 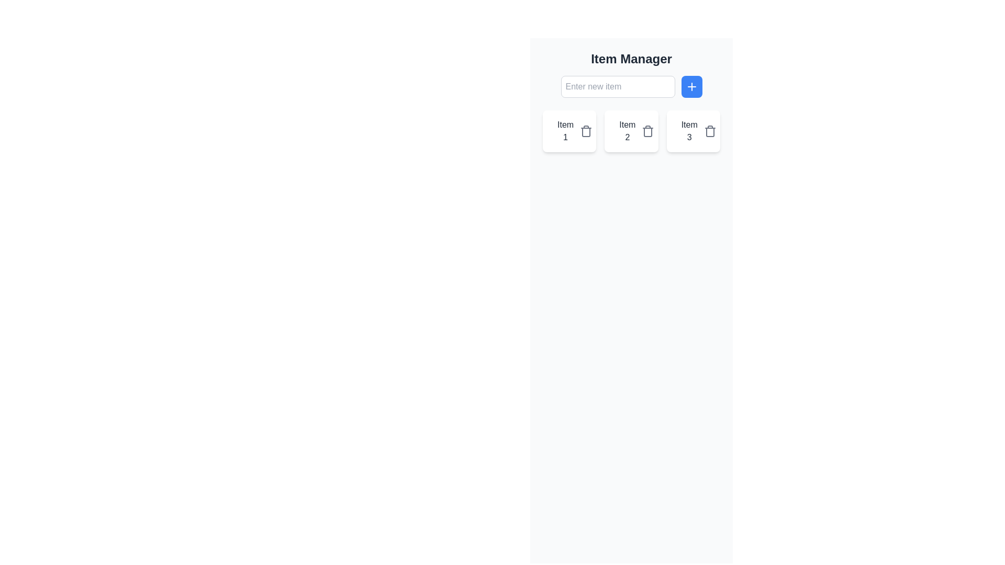 I want to click on the static text label 'Item 2' located centrally within the second item card in the item manager, positioned between 'Item 1' and 'Item 3', so click(x=627, y=130).